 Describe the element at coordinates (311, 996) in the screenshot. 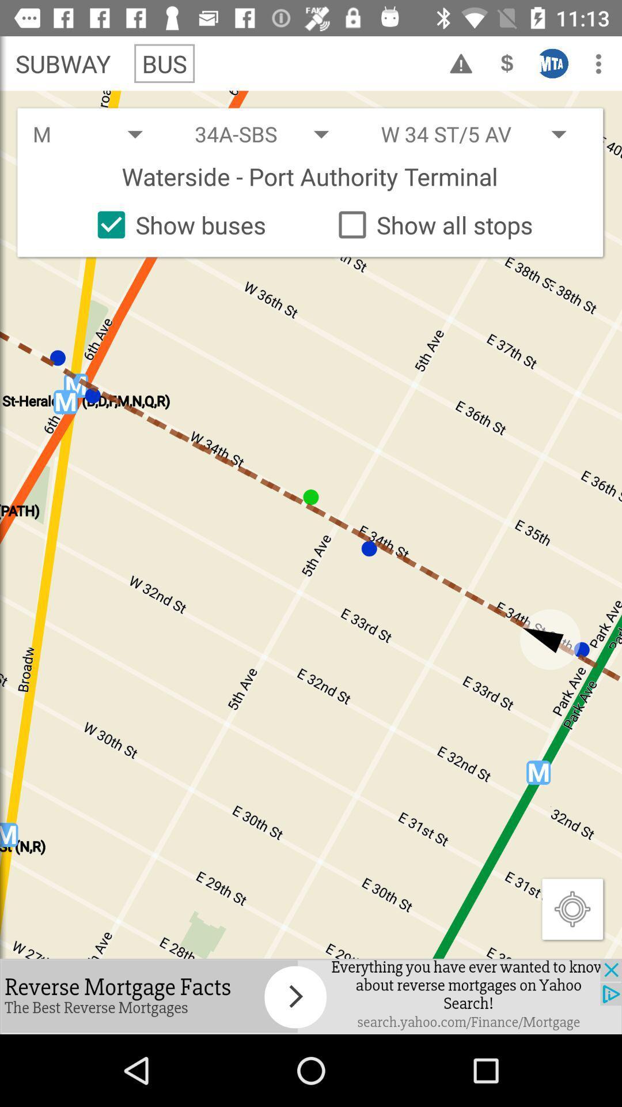

I see `advertisement page` at that location.